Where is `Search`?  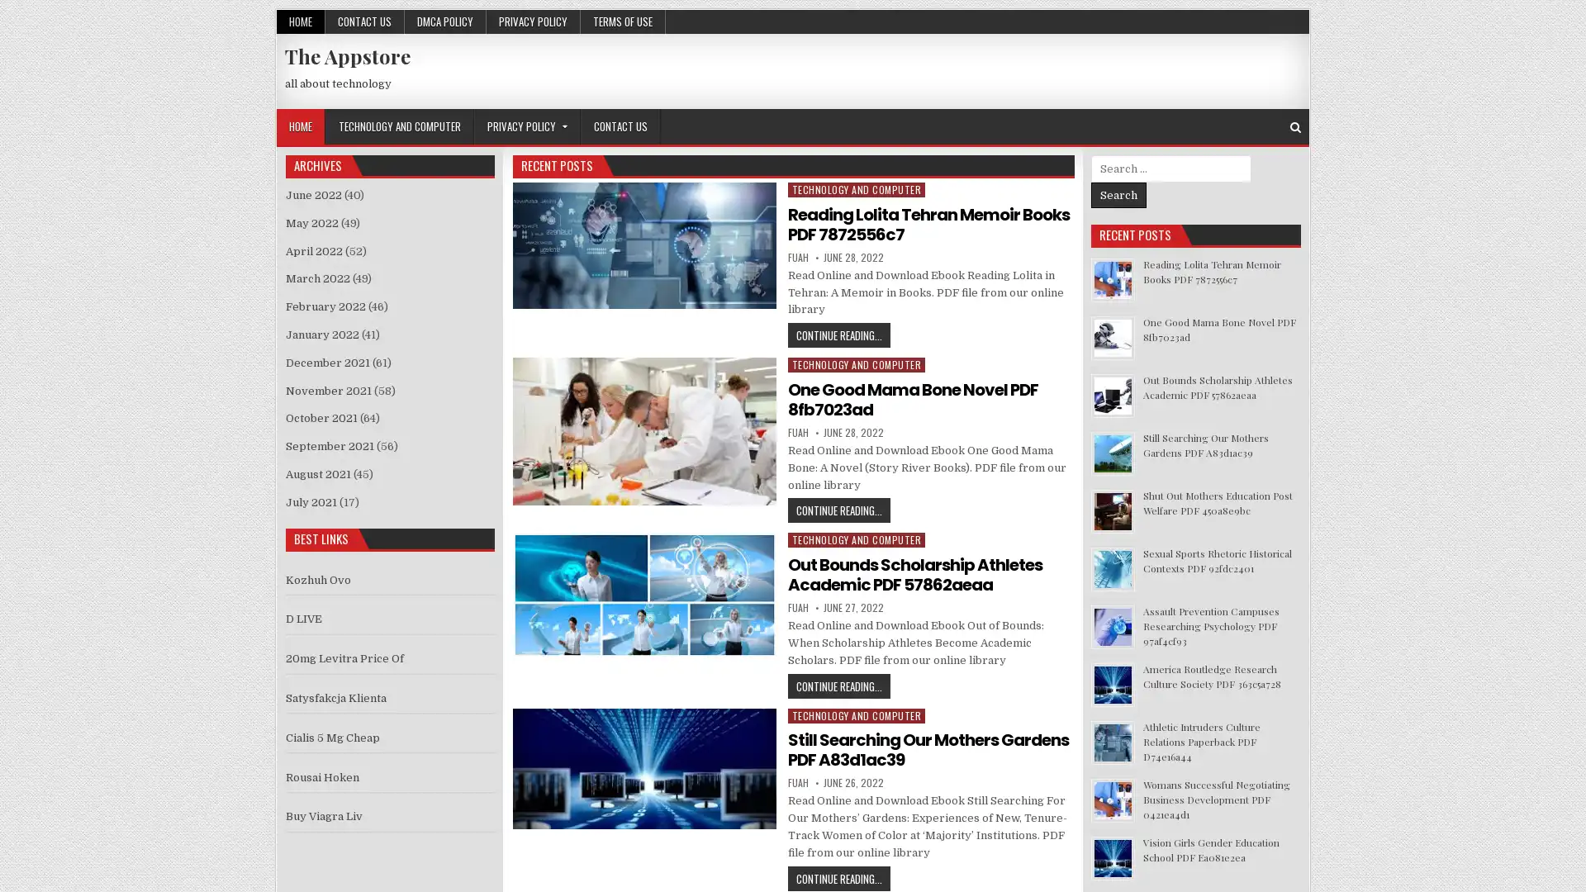
Search is located at coordinates (1118, 194).